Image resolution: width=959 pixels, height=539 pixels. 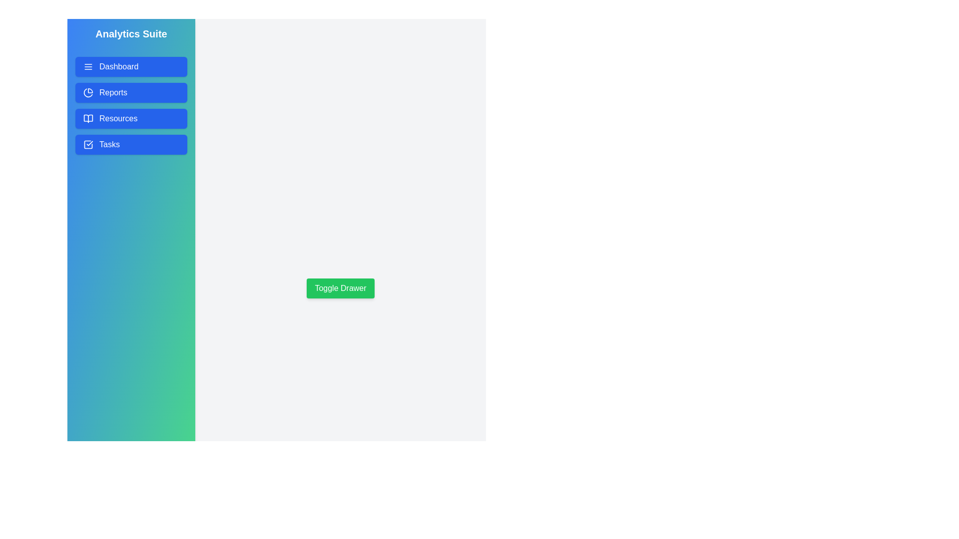 I want to click on the 'Tasks' button in the Analytics Drawer, so click(x=131, y=144).